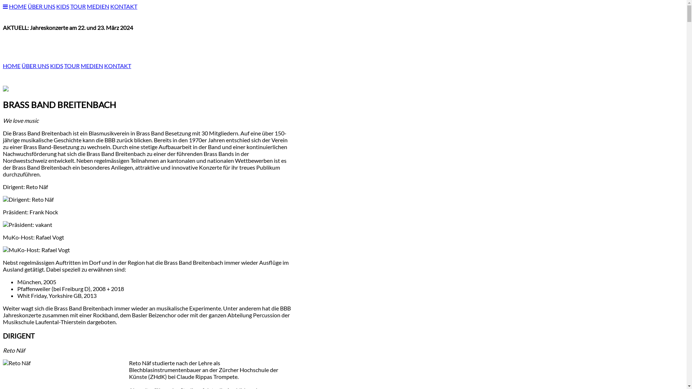 This screenshot has width=692, height=389. I want to click on 'KONTAKT', so click(124, 6).